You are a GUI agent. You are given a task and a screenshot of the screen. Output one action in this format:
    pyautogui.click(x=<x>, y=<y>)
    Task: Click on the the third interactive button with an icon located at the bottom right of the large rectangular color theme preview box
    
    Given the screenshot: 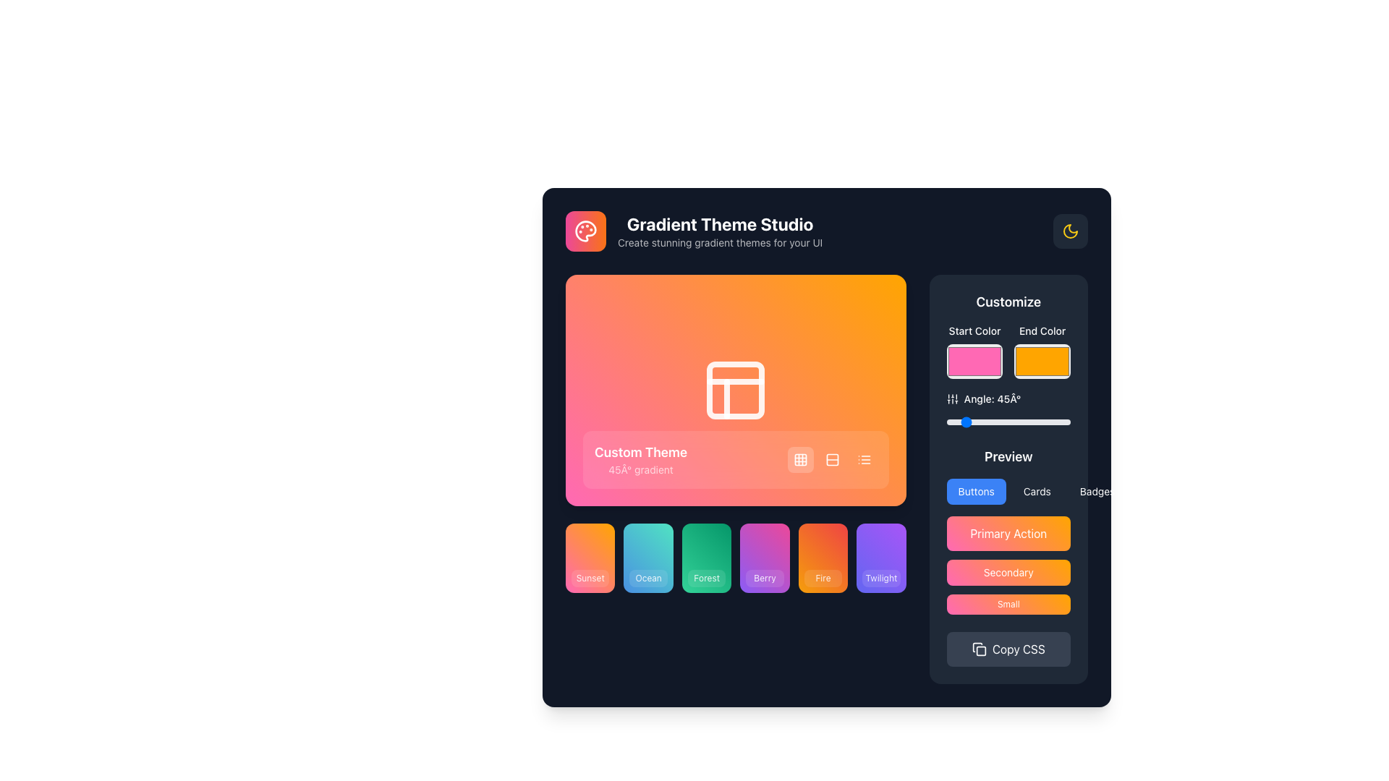 What is the action you would take?
    pyautogui.click(x=864, y=460)
    